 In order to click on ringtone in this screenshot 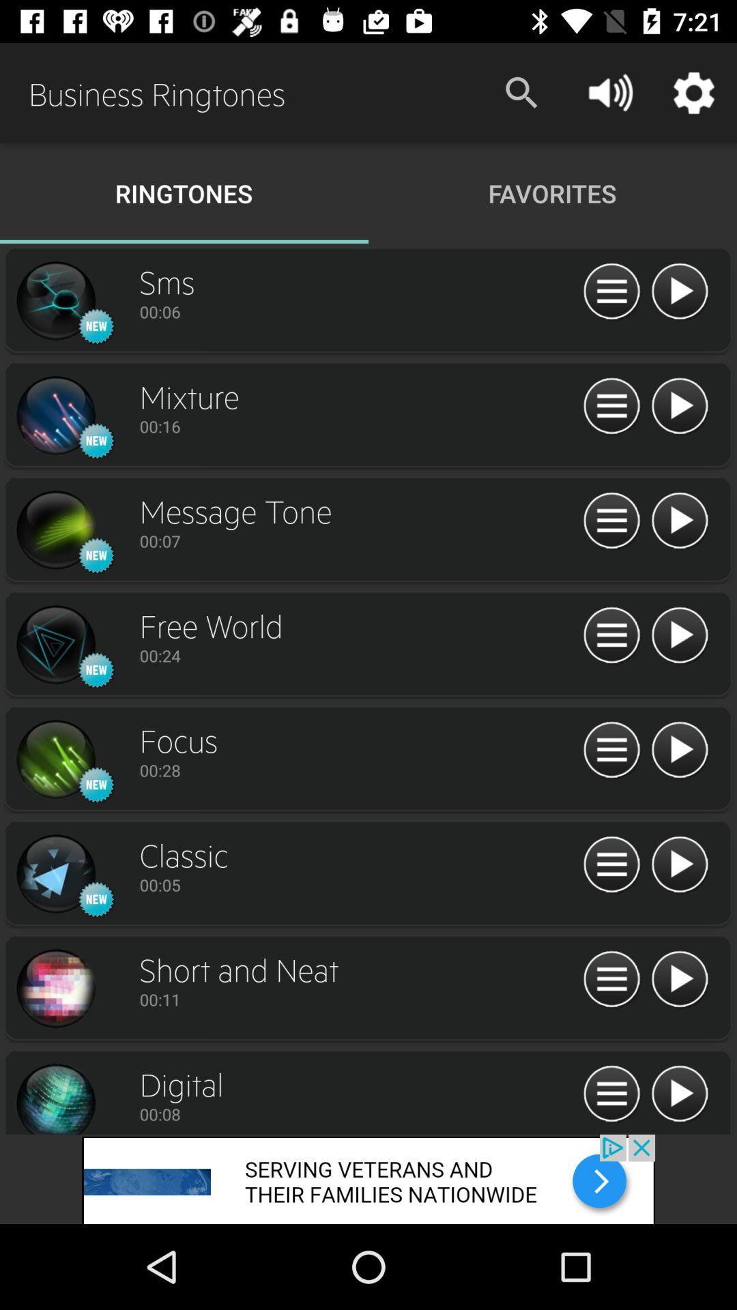, I will do `click(55, 989)`.